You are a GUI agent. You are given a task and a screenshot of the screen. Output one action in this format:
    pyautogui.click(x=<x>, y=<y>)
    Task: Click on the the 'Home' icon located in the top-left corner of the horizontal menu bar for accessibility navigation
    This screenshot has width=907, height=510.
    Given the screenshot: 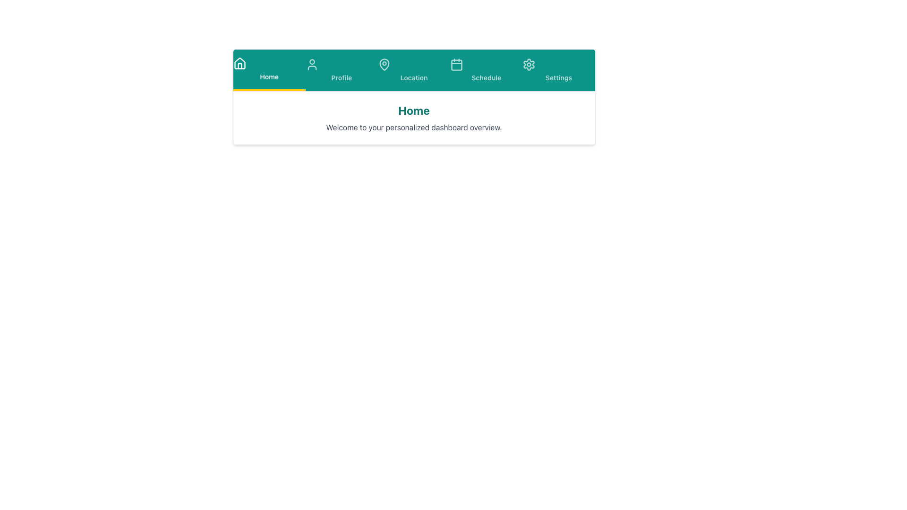 What is the action you would take?
    pyautogui.click(x=240, y=64)
    